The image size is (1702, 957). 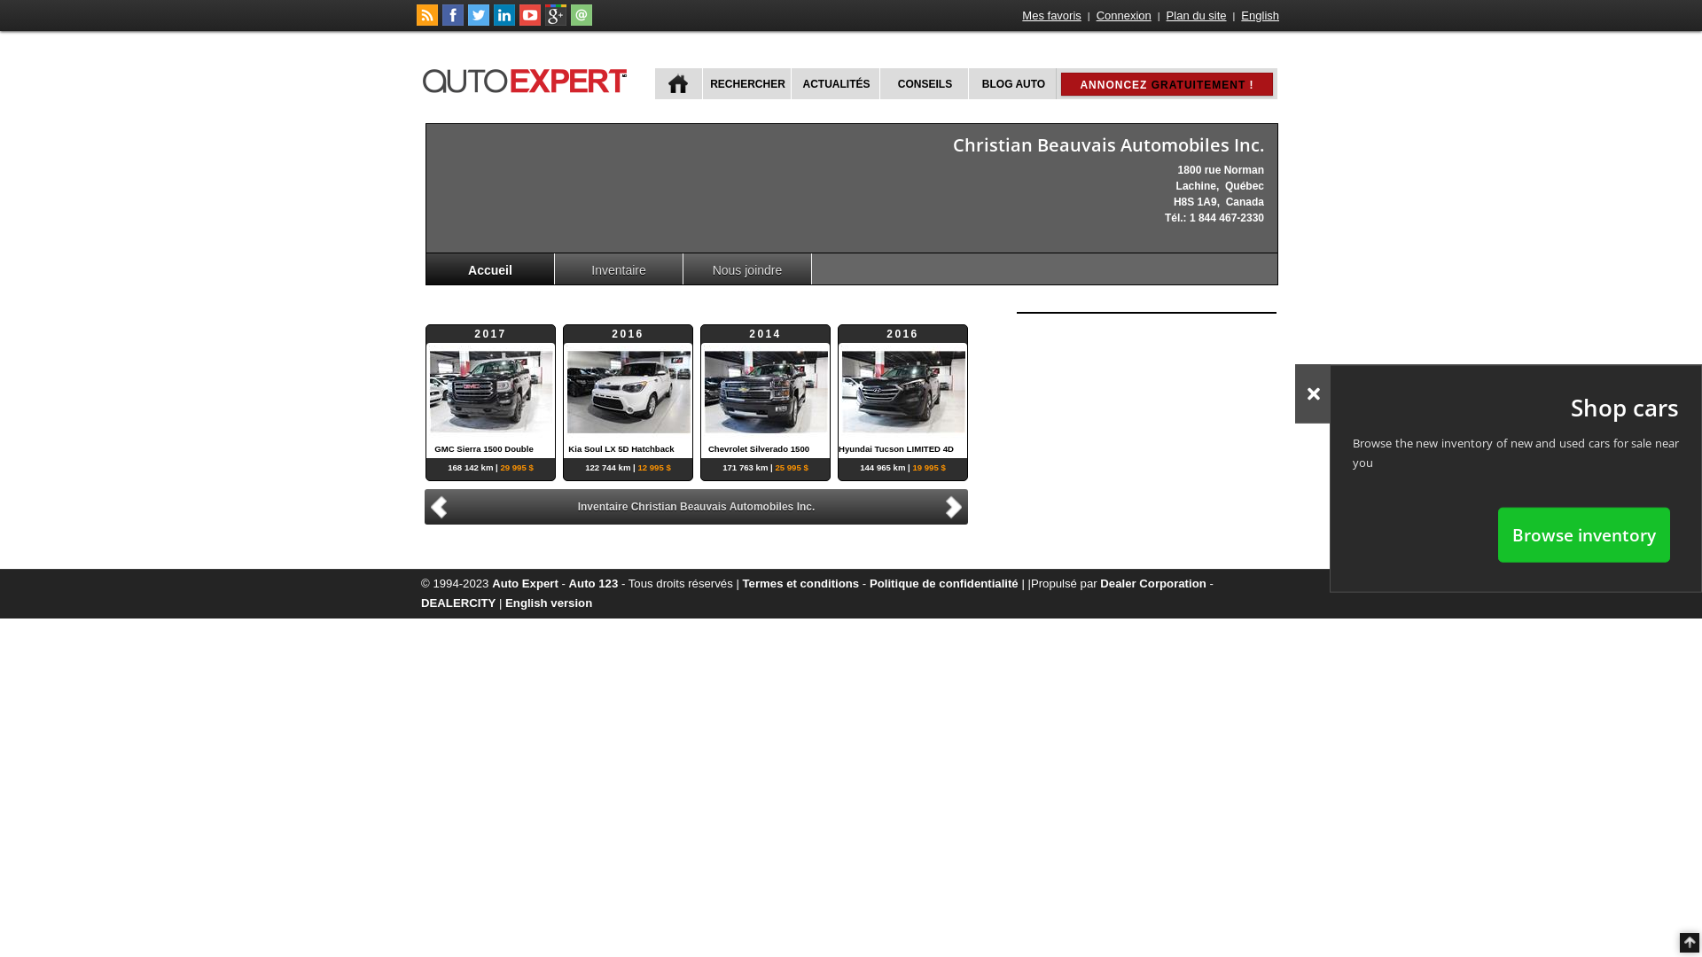 What do you see at coordinates (524, 583) in the screenshot?
I see `'Auto Expert'` at bounding box center [524, 583].